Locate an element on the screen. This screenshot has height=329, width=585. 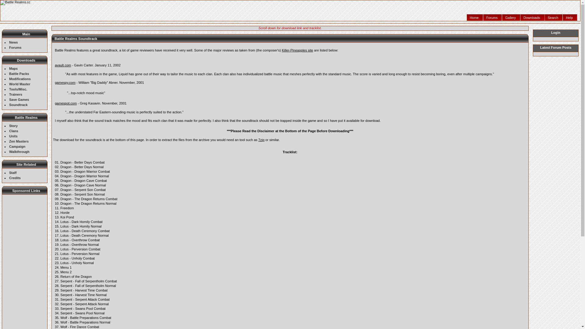
'Search' is located at coordinates (554, 17).